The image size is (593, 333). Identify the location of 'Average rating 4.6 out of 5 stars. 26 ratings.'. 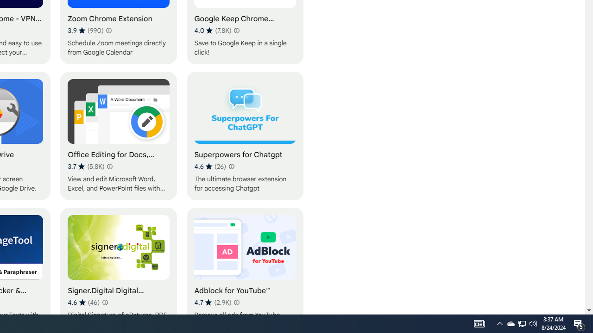
(209, 166).